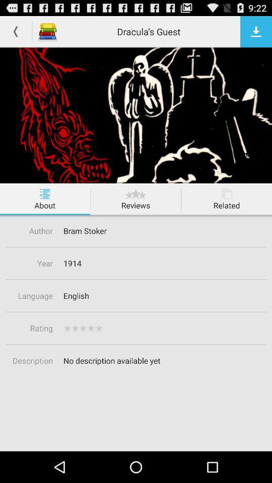 This screenshot has height=483, width=272. Describe the element at coordinates (15, 31) in the screenshot. I see `go back` at that location.